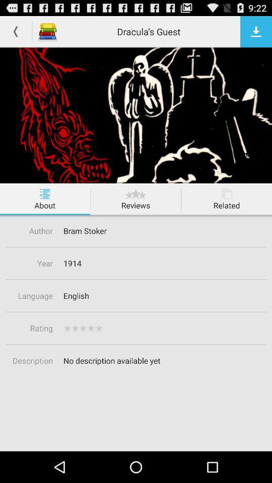 This screenshot has height=483, width=272. Describe the element at coordinates (15, 31) in the screenshot. I see `go back` at that location.